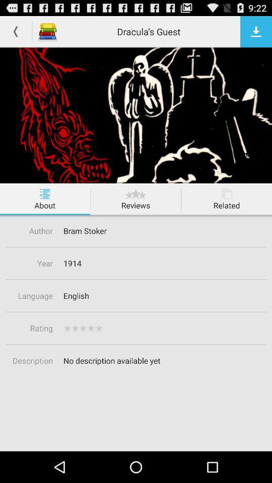 This screenshot has height=483, width=272. Describe the element at coordinates (15, 31) in the screenshot. I see `go back` at that location.